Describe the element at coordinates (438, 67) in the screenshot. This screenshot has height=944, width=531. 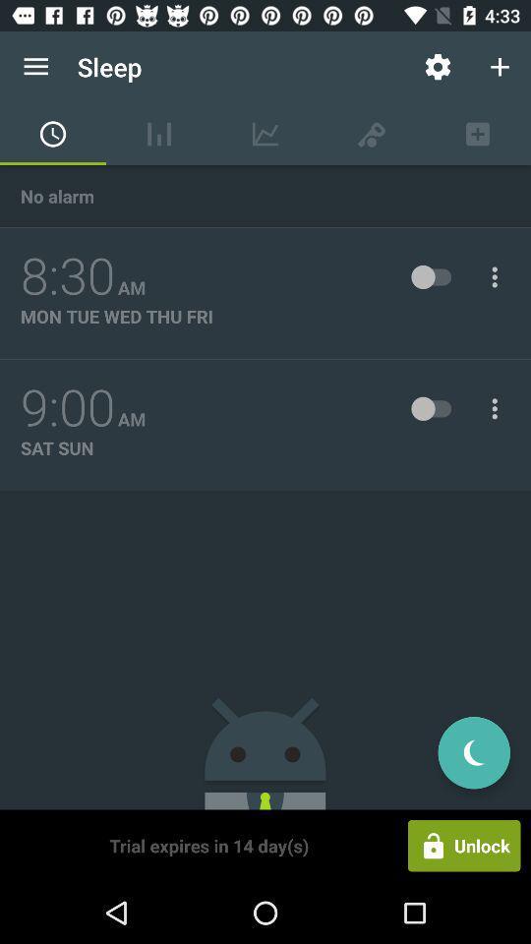
I see `app to the right of the sleep item` at that location.